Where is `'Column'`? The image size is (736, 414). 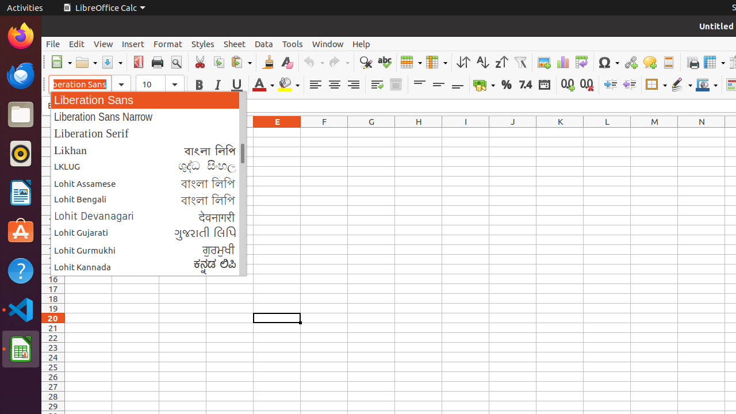
'Column' is located at coordinates (436, 62).